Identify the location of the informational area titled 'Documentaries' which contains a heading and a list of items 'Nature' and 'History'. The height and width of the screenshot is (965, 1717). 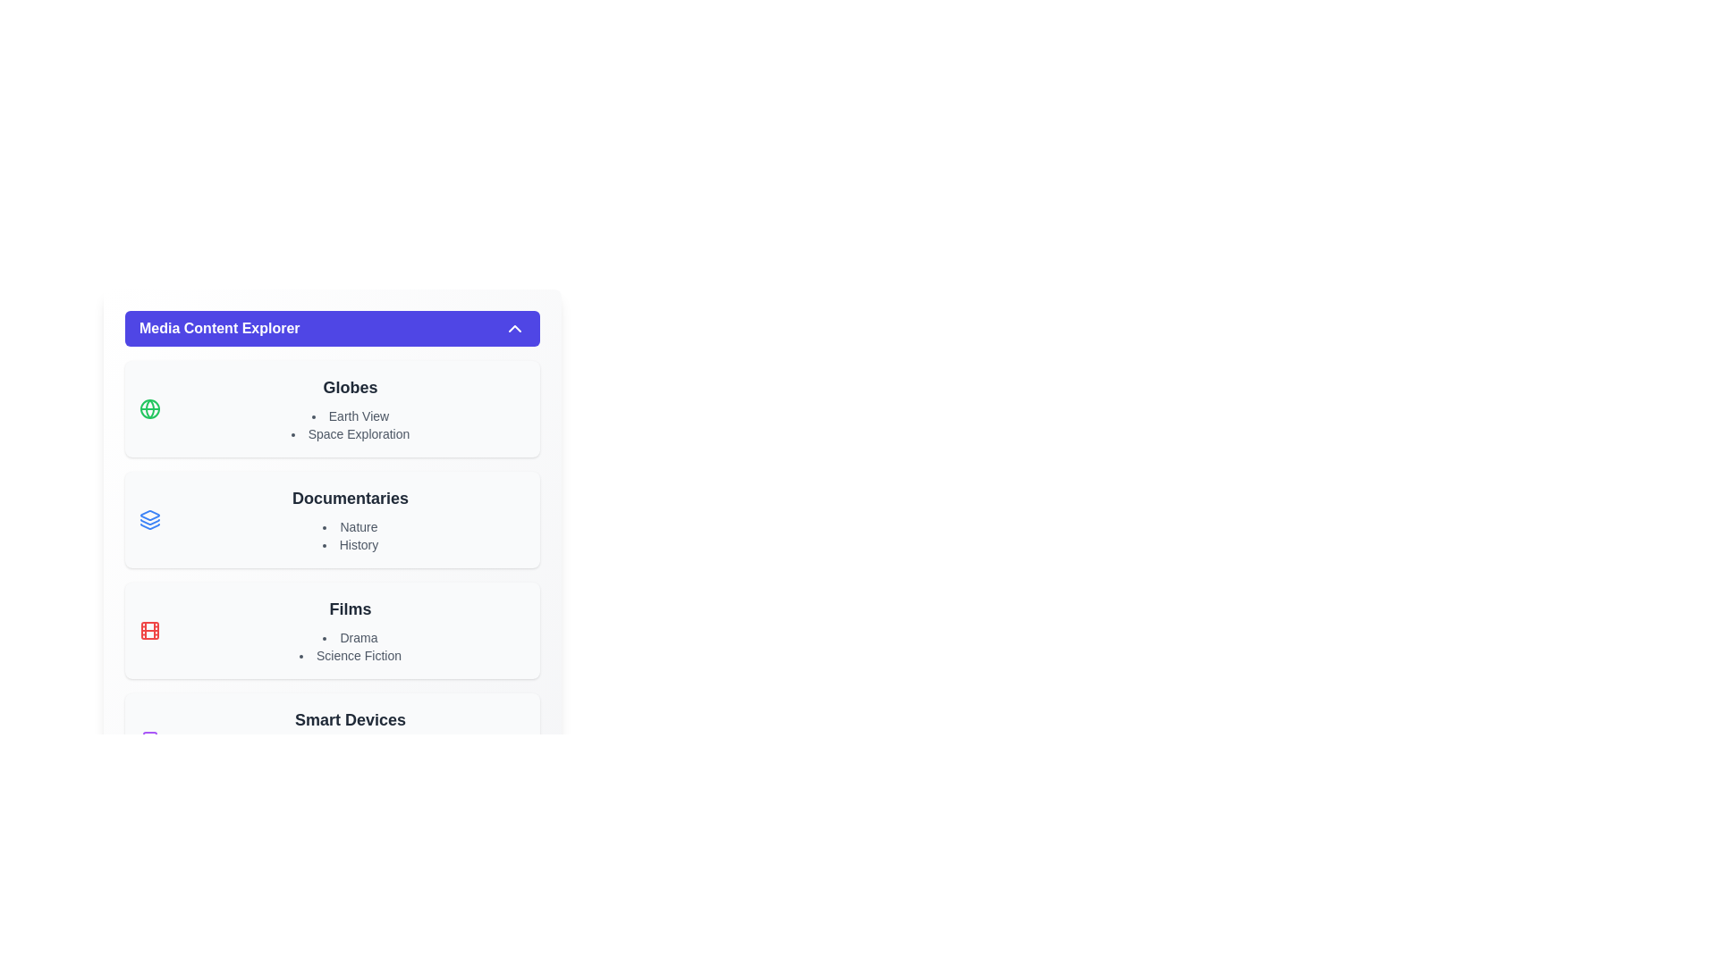
(333, 520).